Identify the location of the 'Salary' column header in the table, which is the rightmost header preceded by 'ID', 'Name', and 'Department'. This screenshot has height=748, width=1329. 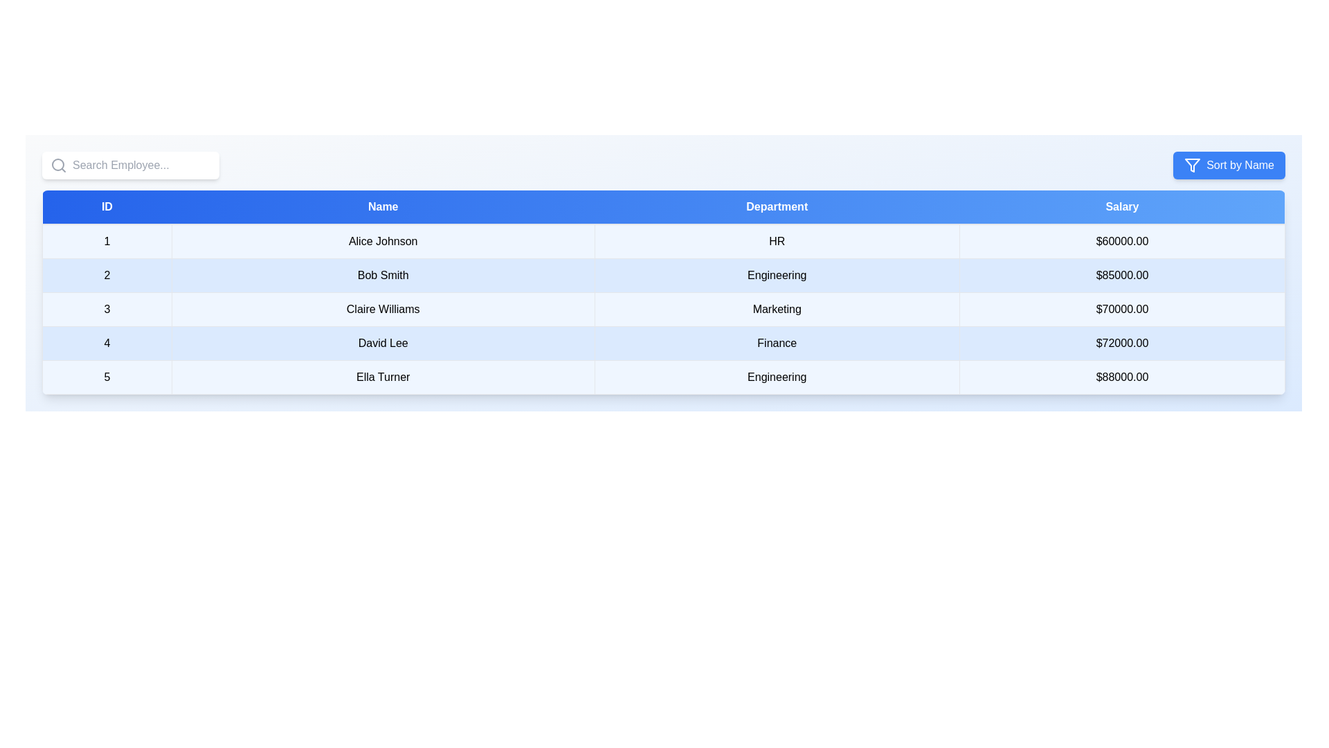
(1122, 207).